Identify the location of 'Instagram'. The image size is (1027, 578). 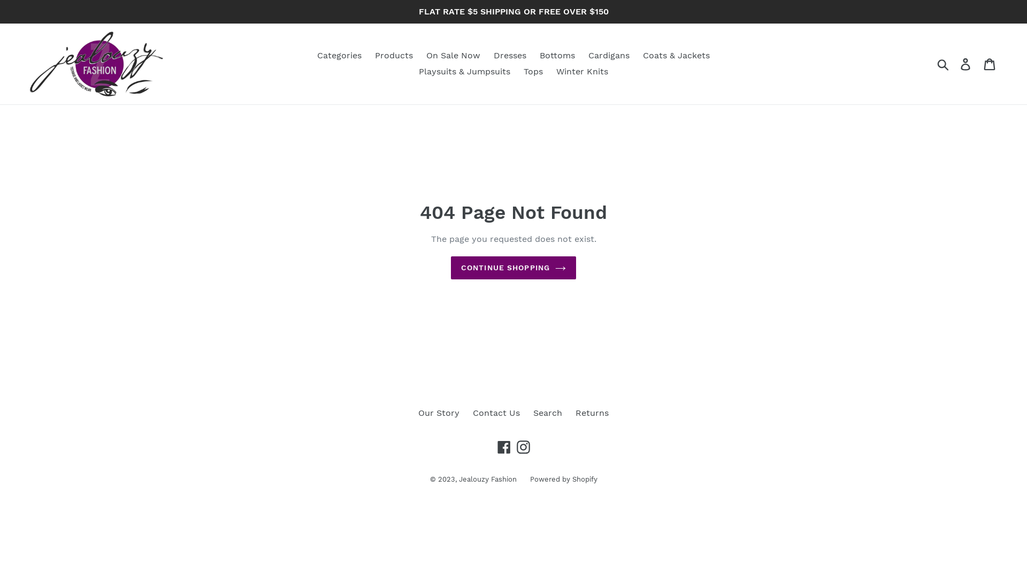
(523, 446).